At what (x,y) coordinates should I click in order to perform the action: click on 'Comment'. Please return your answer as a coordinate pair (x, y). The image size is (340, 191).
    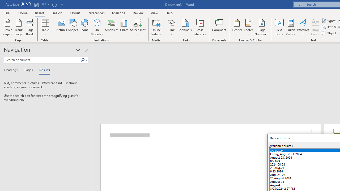
    Looking at the image, I should click on (219, 27).